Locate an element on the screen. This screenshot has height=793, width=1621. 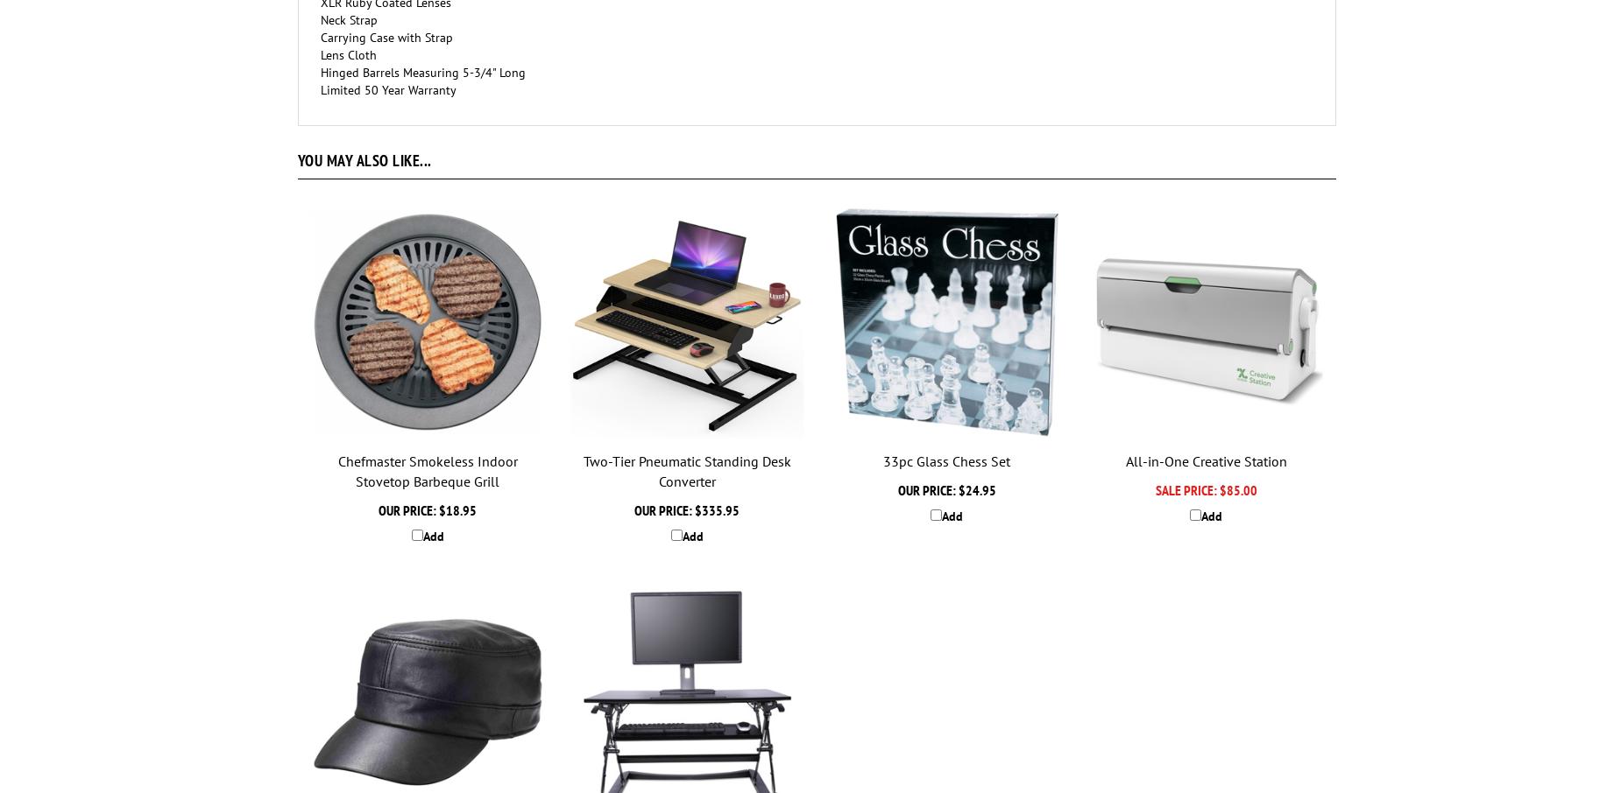
'Lens Cloth' is located at coordinates (347, 54).